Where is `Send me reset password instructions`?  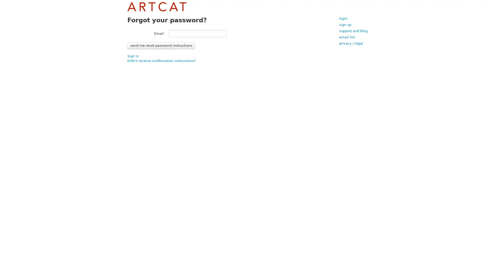
Send me reset password instructions is located at coordinates (161, 45).